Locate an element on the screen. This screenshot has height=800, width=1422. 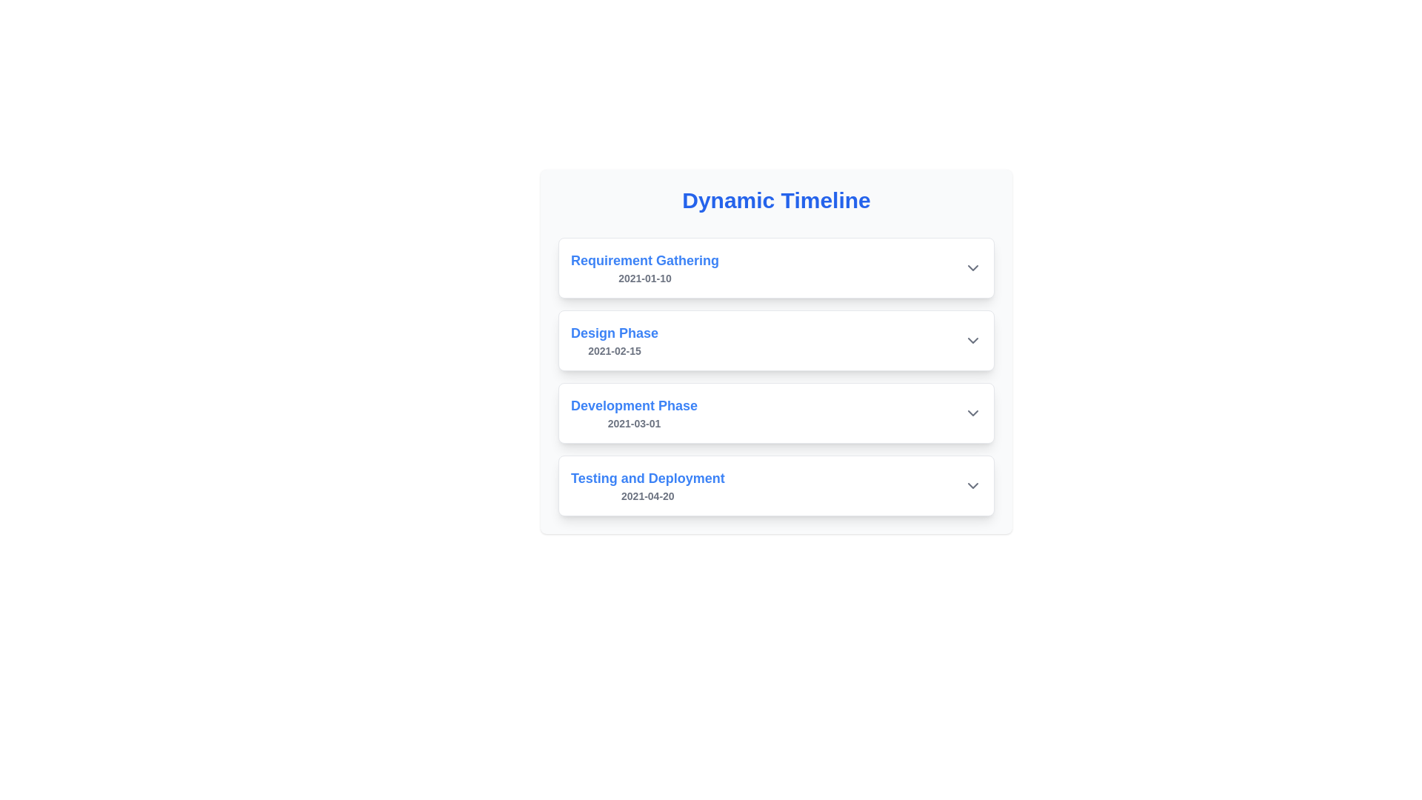
the text label displaying 'Design Phase' with the date '2021-02-15' to utilize this information for understanding the timeline is located at coordinates (615, 340).